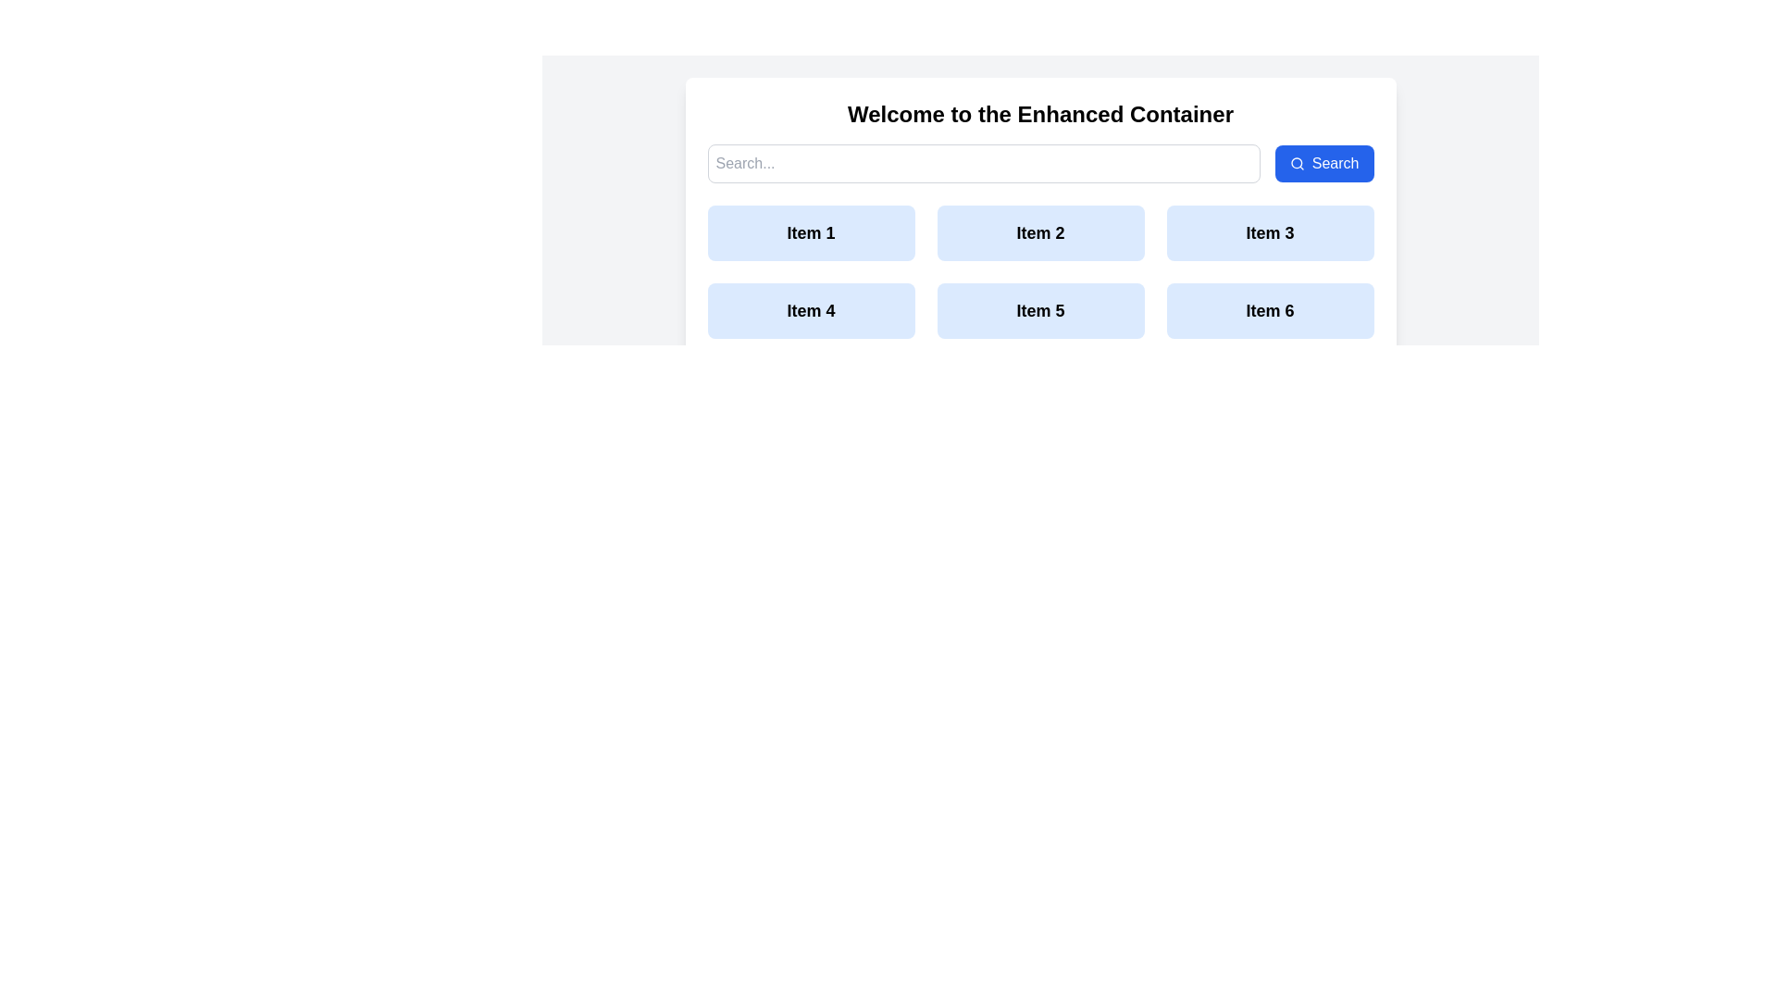 Image resolution: width=1777 pixels, height=1000 pixels. What do you see at coordinates (1040, 231) in the screenshot?
I see `the second button in the first row of a grid layout, positioned between 'Item 1' and 'Item 3'` at bounding box center [1040, 231].